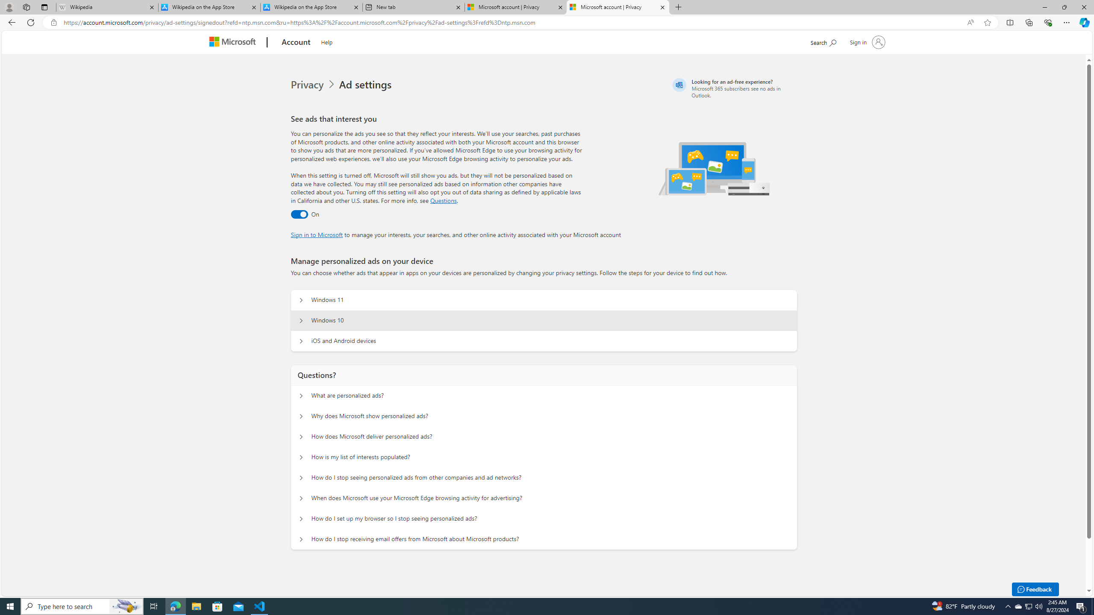 Image resolution: width=1094 pixels, height=615 pixels. I want to click on 'Back', so click(10, 22).